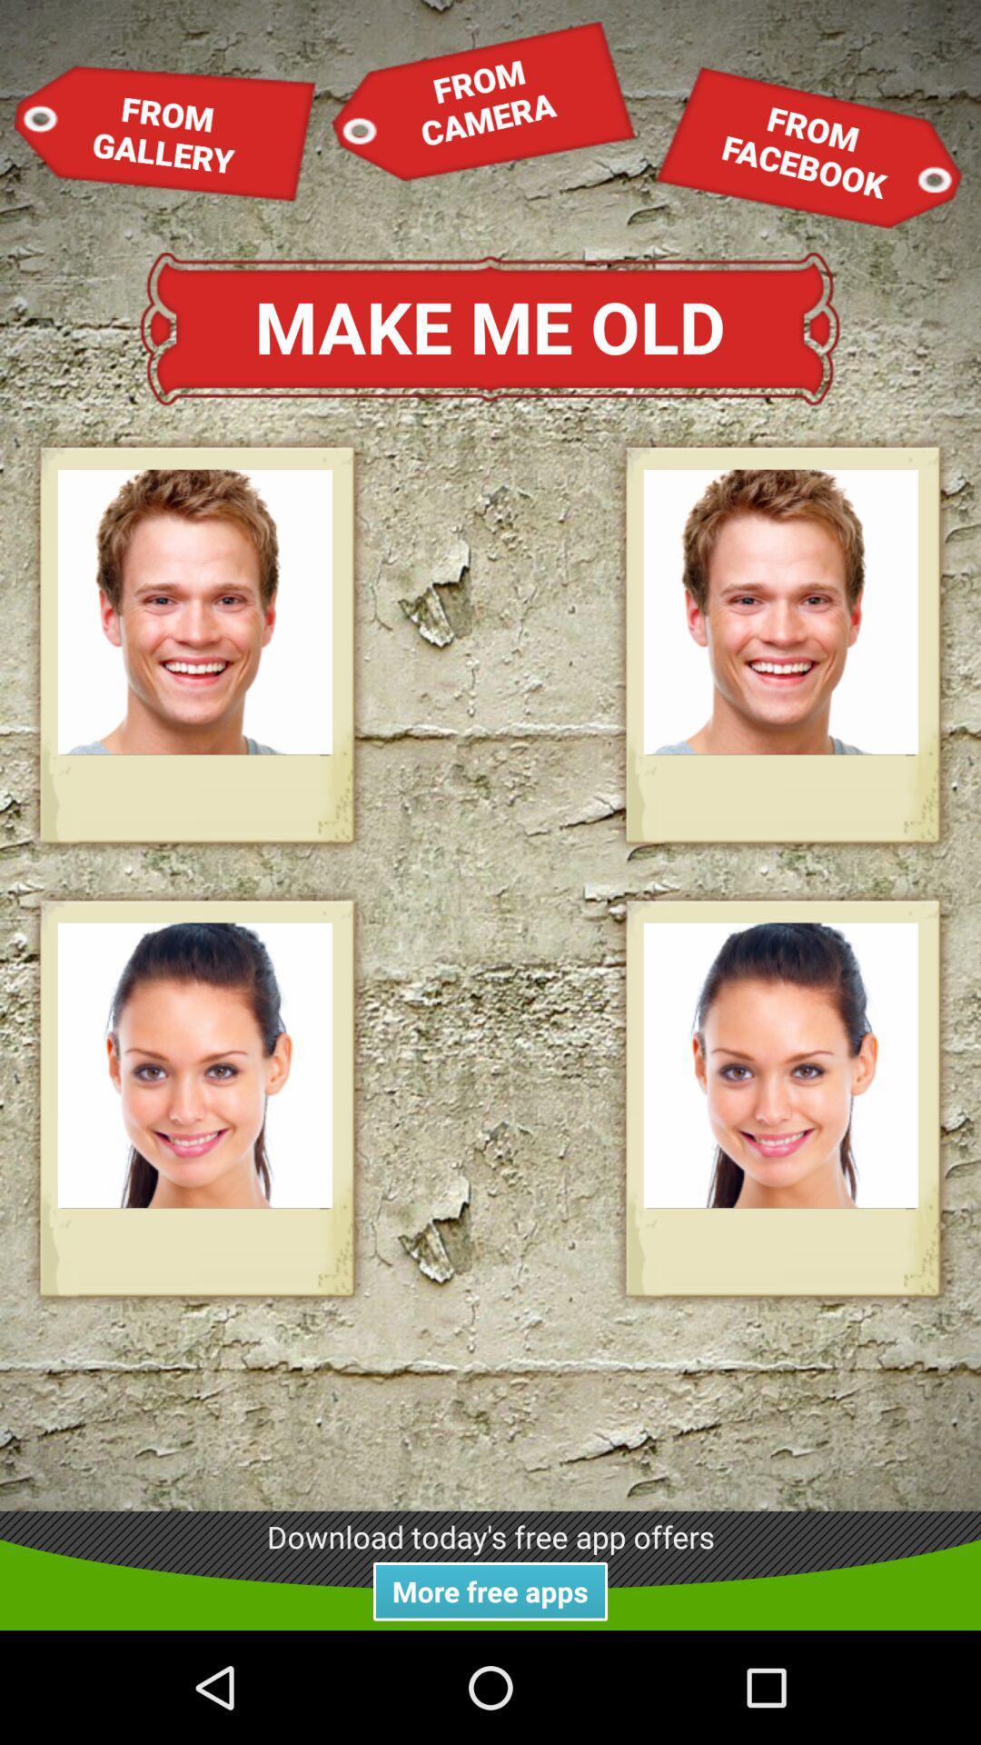  Describe the element at coordinates (482, 99) in the screenshot. I see `from` at that location.